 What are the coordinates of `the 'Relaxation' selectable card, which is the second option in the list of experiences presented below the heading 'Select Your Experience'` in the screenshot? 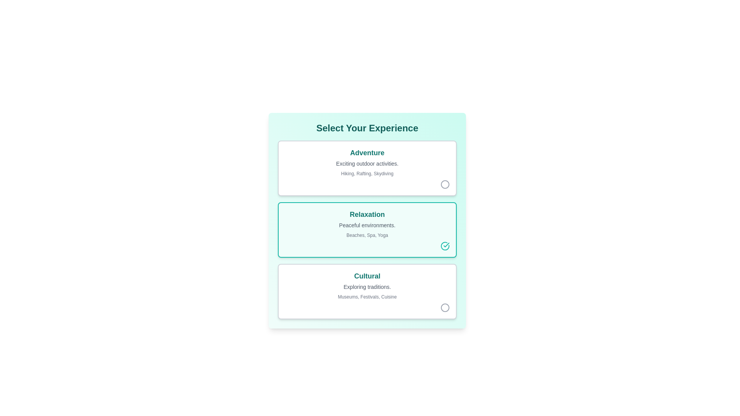 It's located at (367, 230).